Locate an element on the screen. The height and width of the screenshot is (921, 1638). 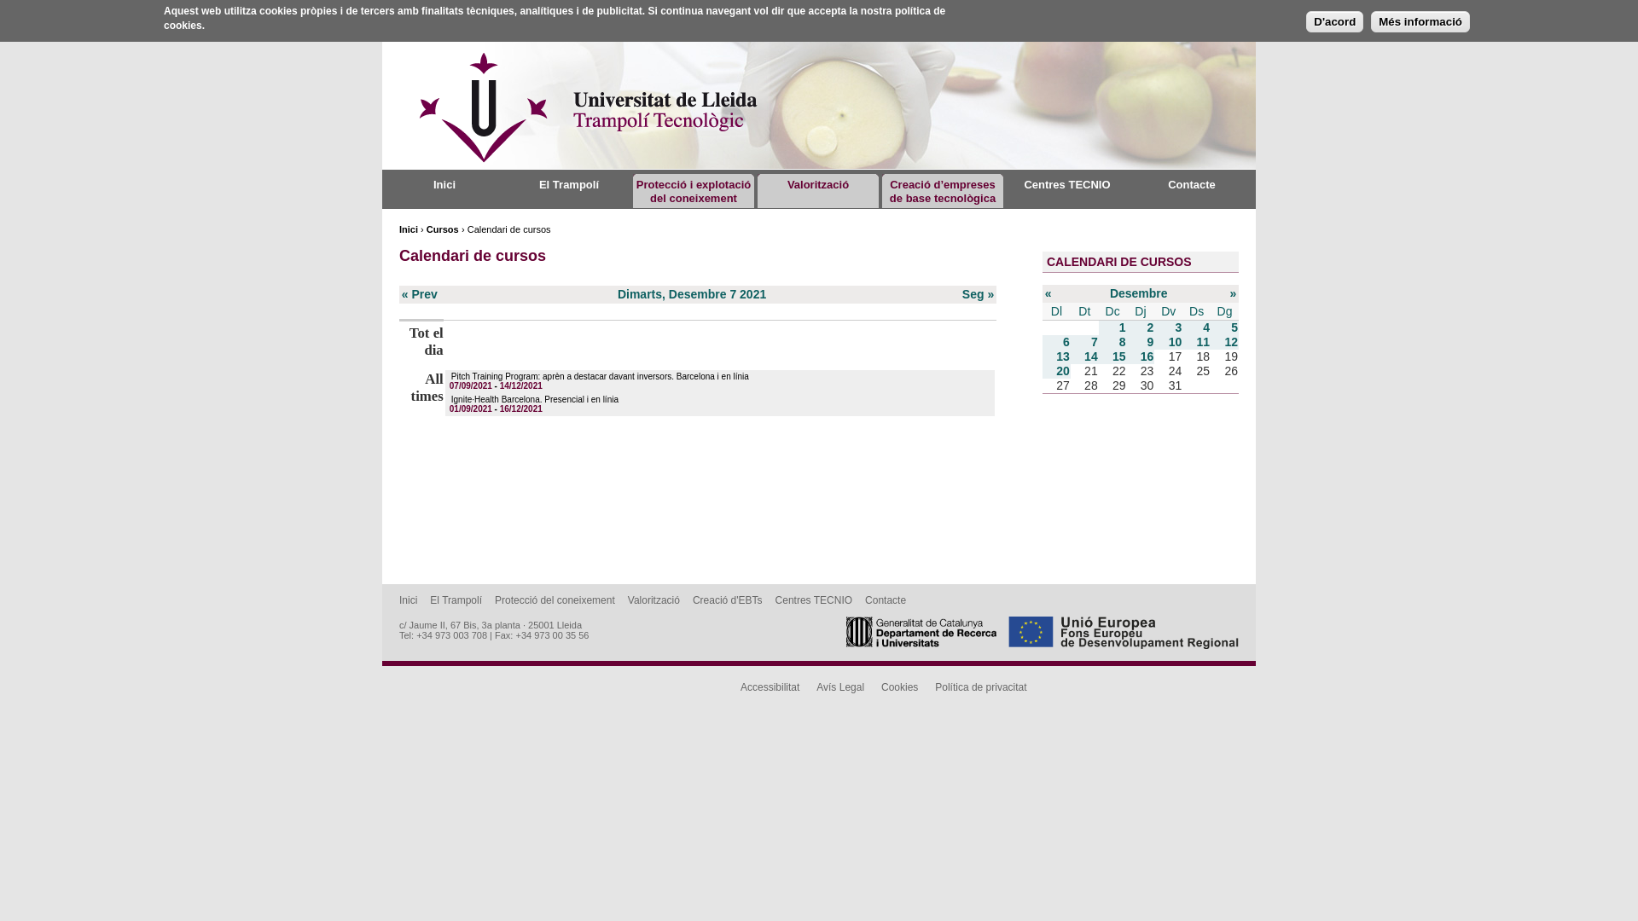
'12' is located at coordinates (1231, 342).